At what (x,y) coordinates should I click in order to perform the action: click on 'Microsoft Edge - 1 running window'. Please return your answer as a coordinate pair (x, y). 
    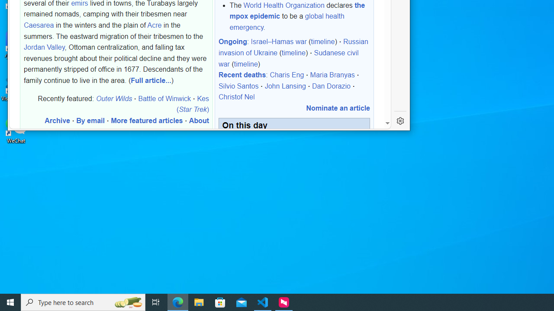
    Looking at the image, I should click on (177, 301).